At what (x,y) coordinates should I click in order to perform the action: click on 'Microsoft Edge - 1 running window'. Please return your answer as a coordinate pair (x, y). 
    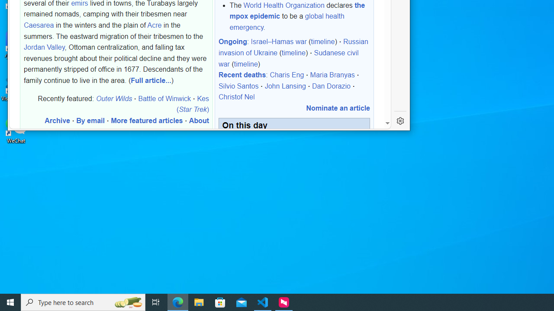
    Looking at the image, I should click on (177, 301).